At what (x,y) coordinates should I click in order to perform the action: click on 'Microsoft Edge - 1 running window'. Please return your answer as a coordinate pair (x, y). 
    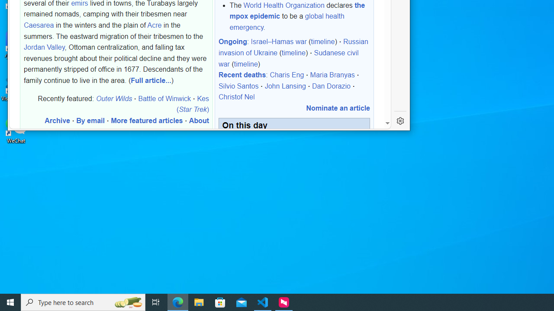
    Looking at the image, I should click on (177, 301).